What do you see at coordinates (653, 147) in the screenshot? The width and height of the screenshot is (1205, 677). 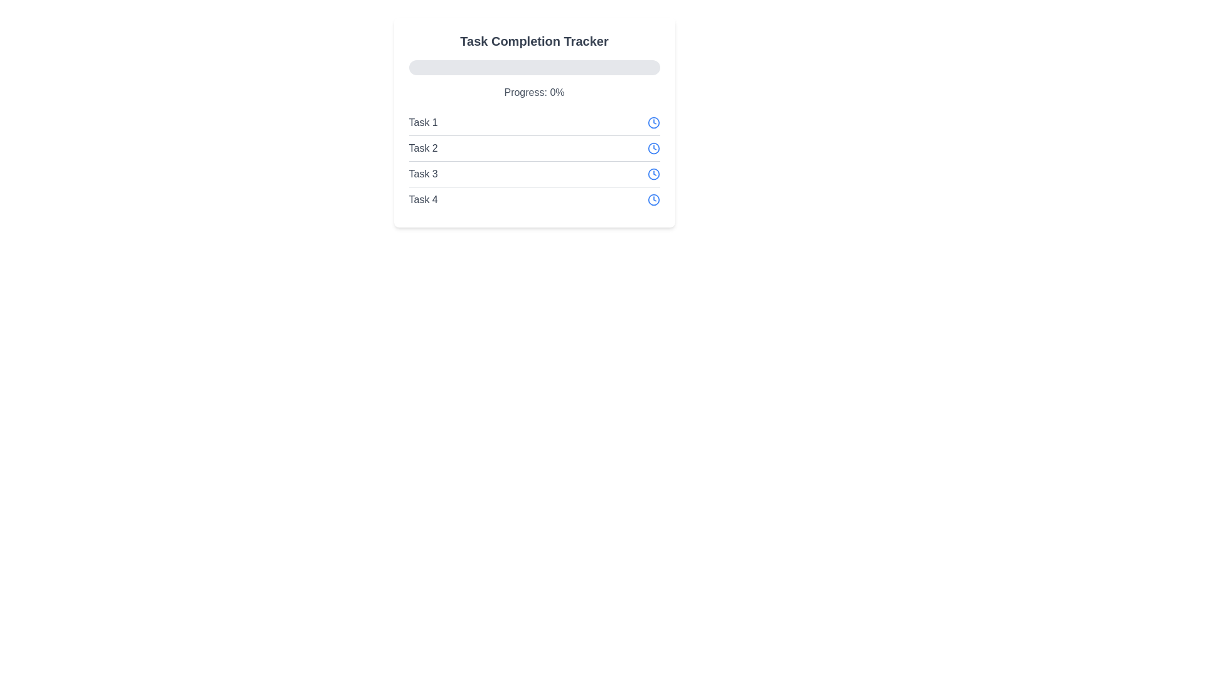 I see `the blue circular clock icon representing Task 2` at bounding box center [653, 147].